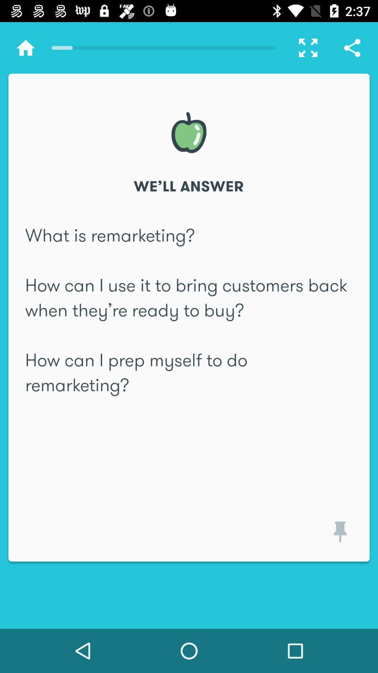  Describe the element at coordinates (25, 47) in the screenshot. I see `the home icon` at that location.